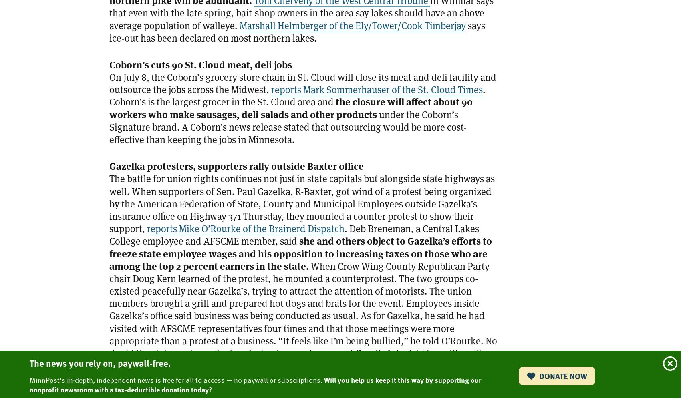 This screenshot has height=398, width=681. What do you see at coordinates (147, 228) in the screenshot?
I see `'reports Mike O’Rourke of the Brainerd Dispatch'` at bounding box center [147, 228].